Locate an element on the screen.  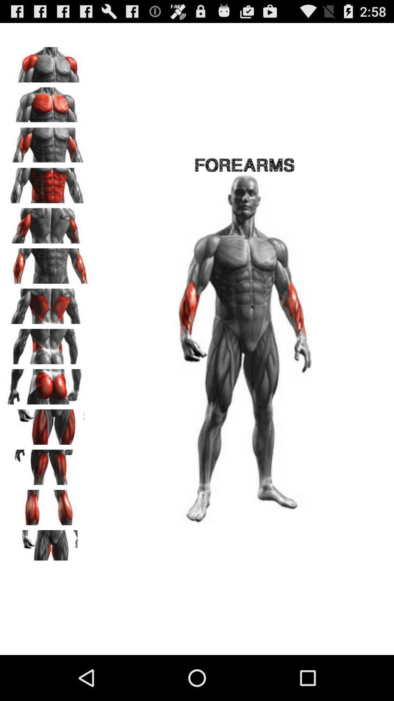
thigh workouts is located at coordinates (48, 464).